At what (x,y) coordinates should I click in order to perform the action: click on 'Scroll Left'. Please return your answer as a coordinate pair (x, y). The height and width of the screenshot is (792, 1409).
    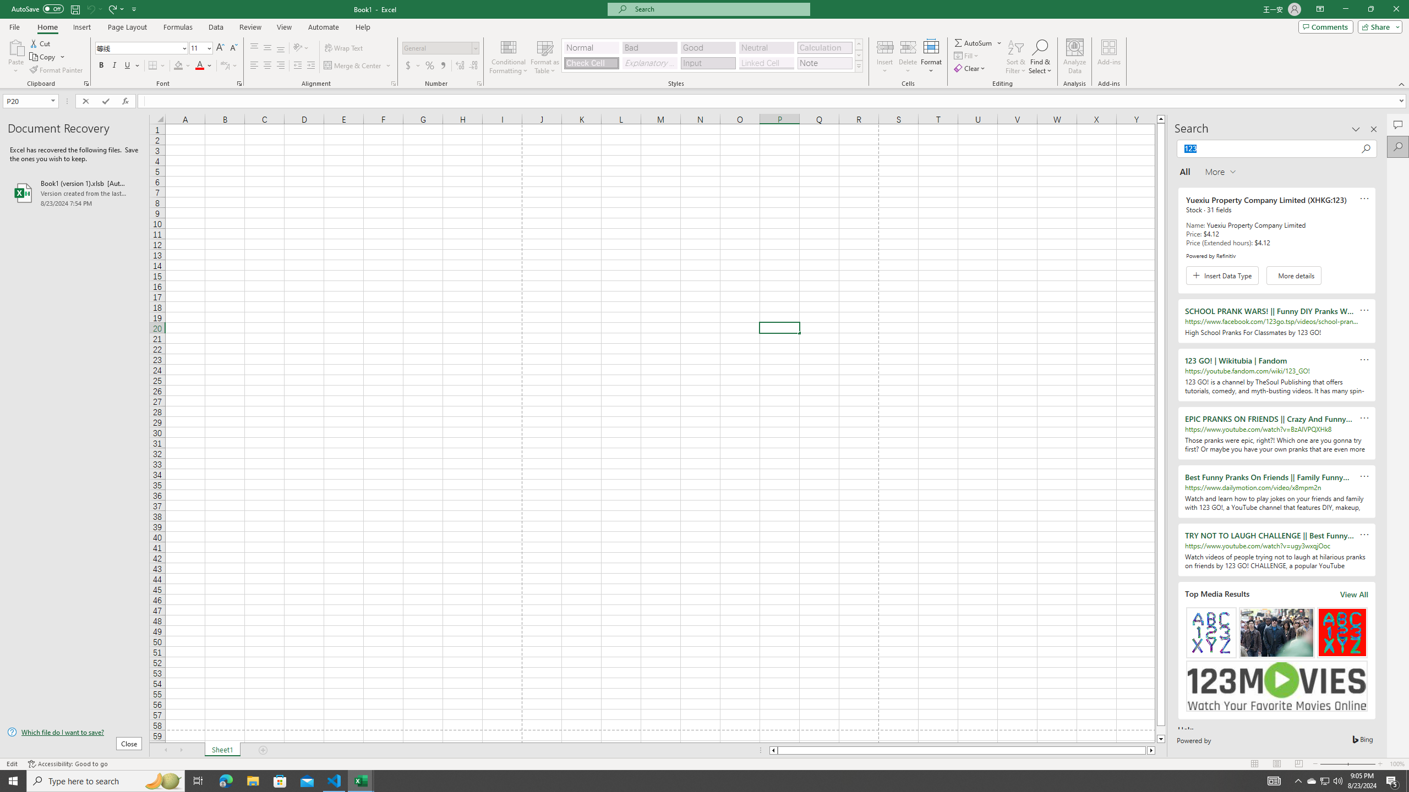
    Looking at the image, I should click on (165, 750).